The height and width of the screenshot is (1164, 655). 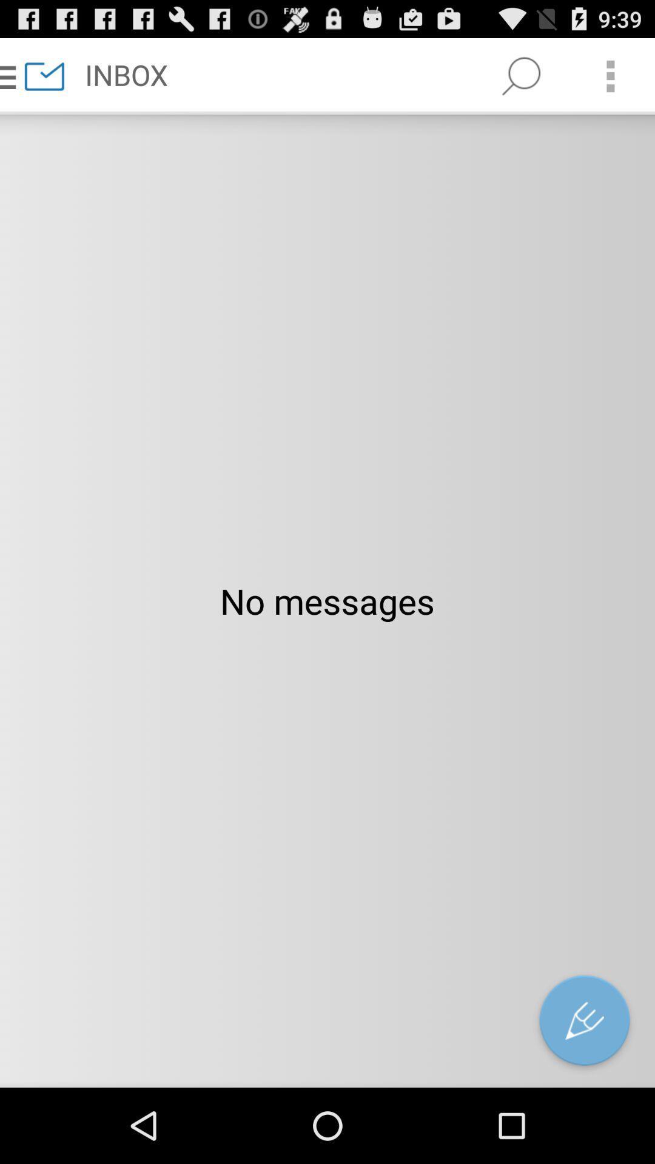 I want to click on the icon at the bottom right corner, so click(x=584, y=1023).